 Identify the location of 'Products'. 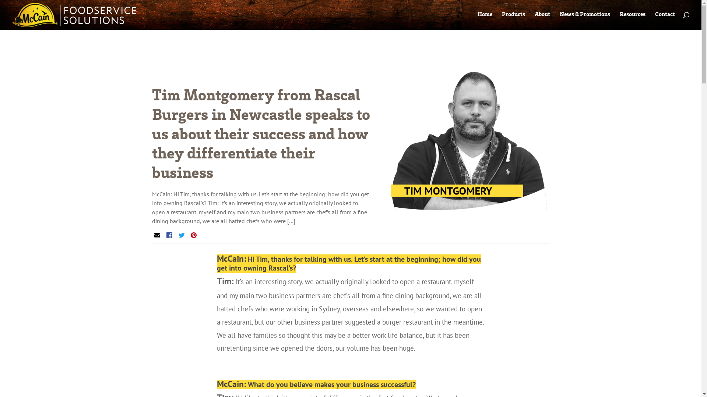
(513, 15).